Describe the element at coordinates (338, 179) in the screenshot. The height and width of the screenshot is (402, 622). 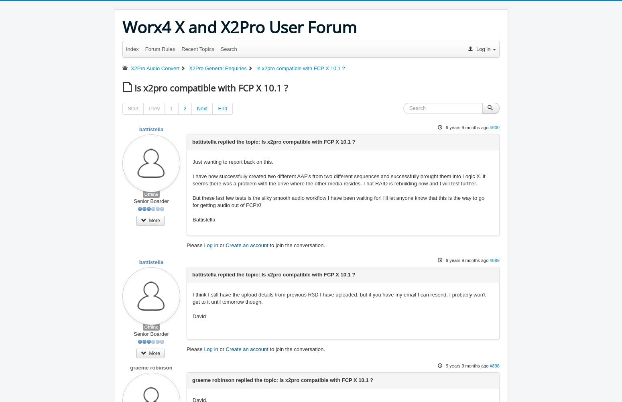
I see `'I have now successfully created two different AAF's from two different sequences and successfully brought them into Logic X.  it seems there was a problem with the drive where the other media resides.  That RAID is rebuilding now and I will test further.'` at that location.